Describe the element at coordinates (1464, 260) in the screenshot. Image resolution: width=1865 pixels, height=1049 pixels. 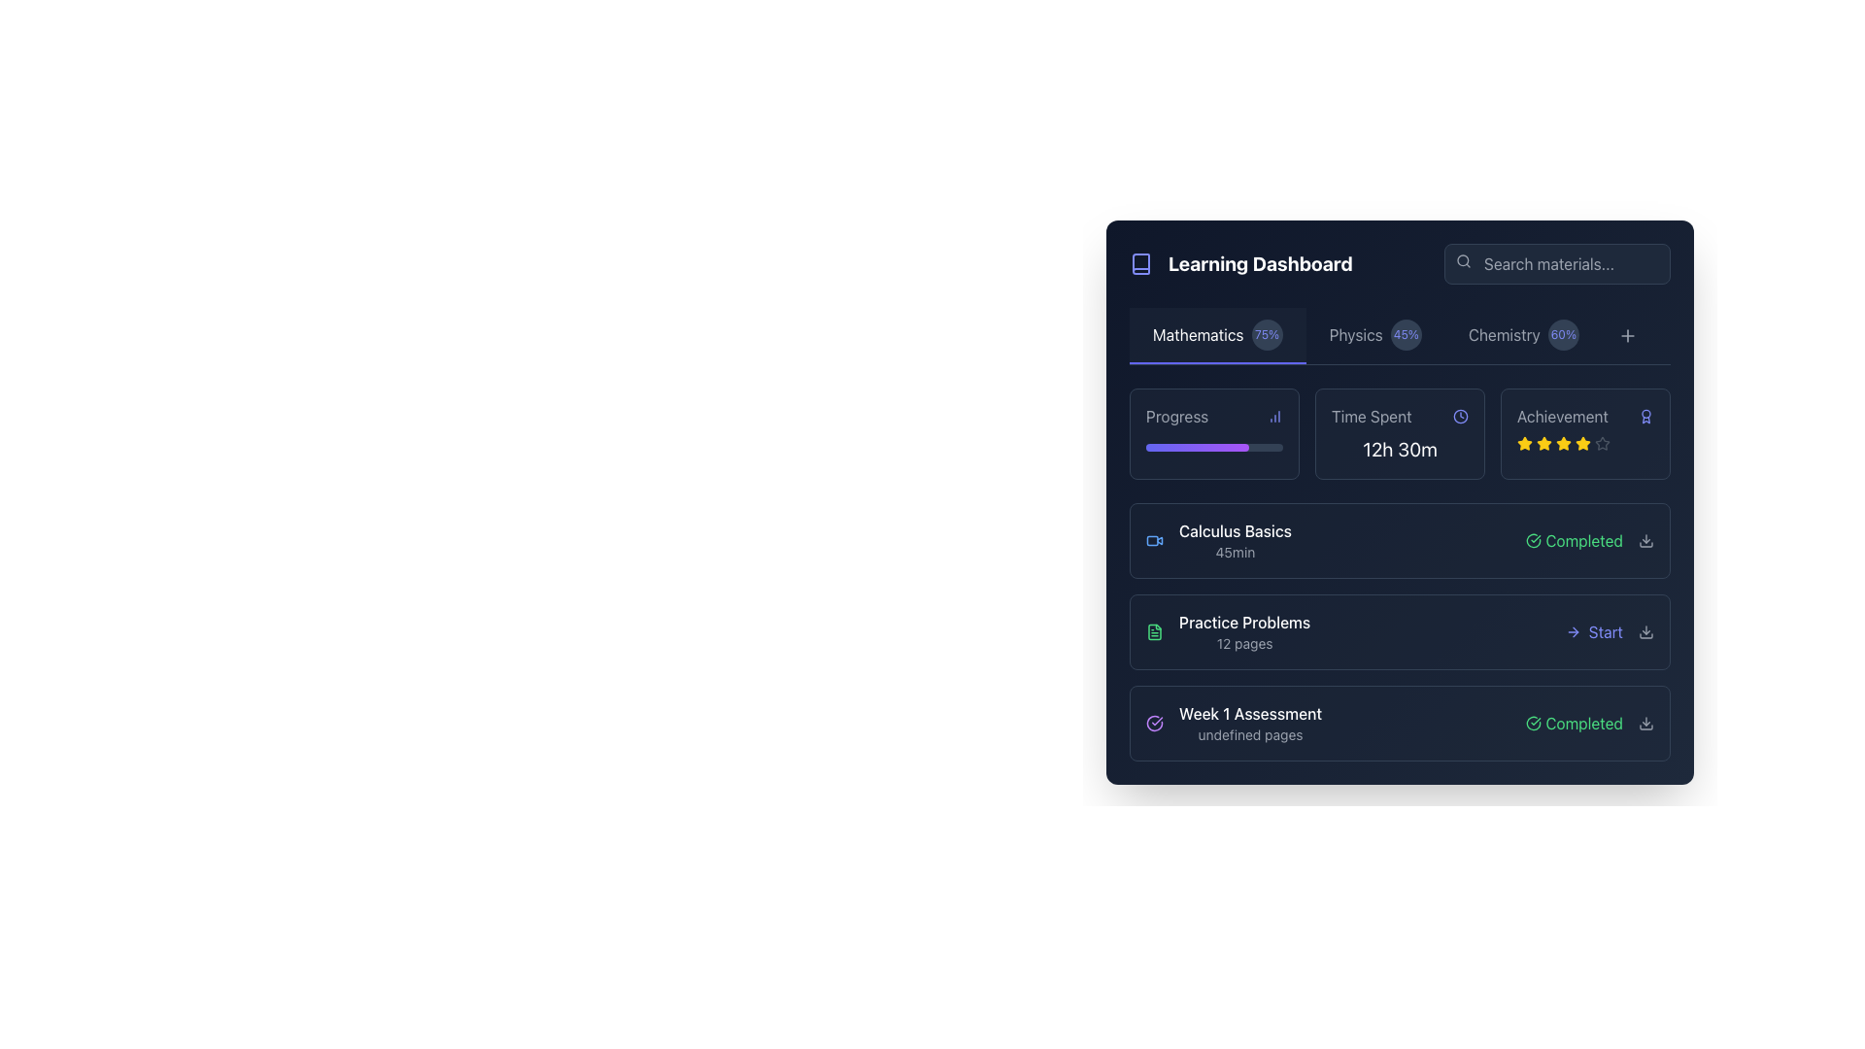
I see `the magnifying glass icon located on the left side of the search input field at the top-right corner of the interface` at that location.